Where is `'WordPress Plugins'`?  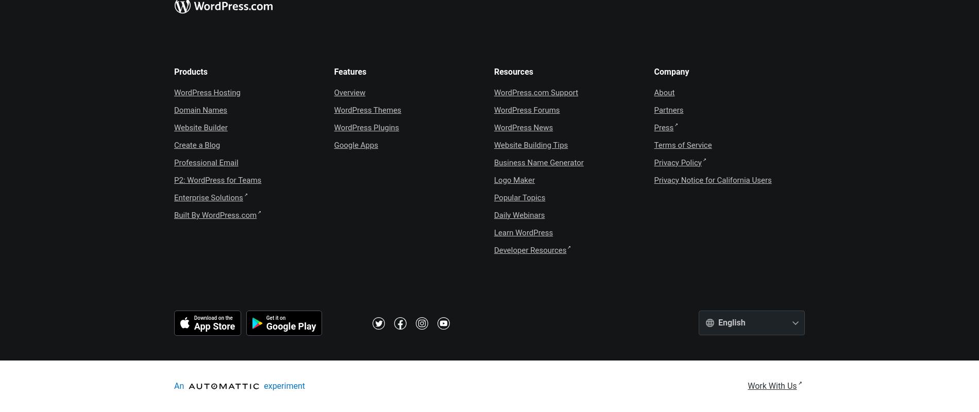 'WordPress Plugins' is located at coordinates (366, 126).